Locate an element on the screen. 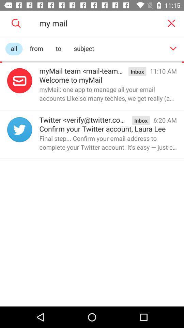  the item next to to is located at coordinates (84, 49).